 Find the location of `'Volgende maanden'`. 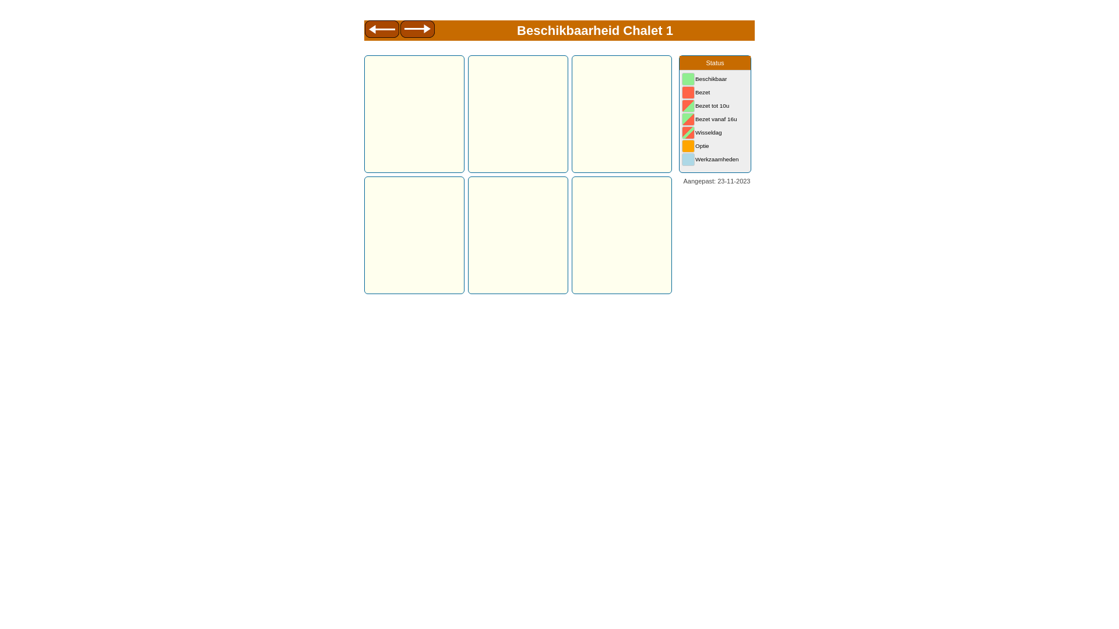

'Volgende maanden' is located at coordinates (417, 30).